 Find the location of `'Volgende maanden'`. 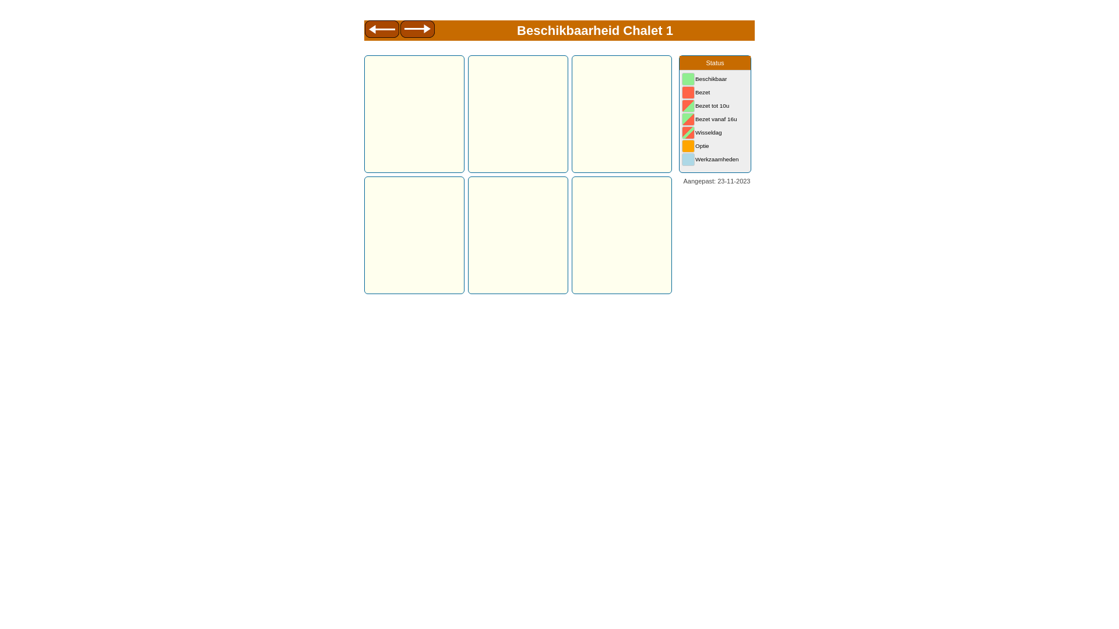

'Volgende maanden' is located at coordinates (417, 30).